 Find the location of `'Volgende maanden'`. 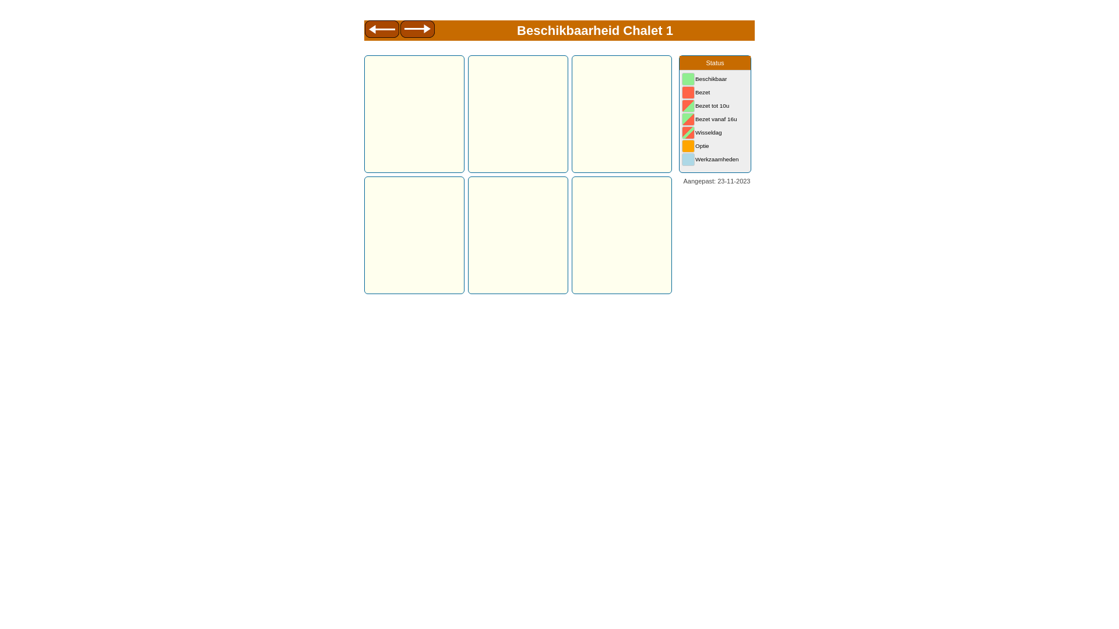

'Volgende maanden' is located at coordinates (417, 30).